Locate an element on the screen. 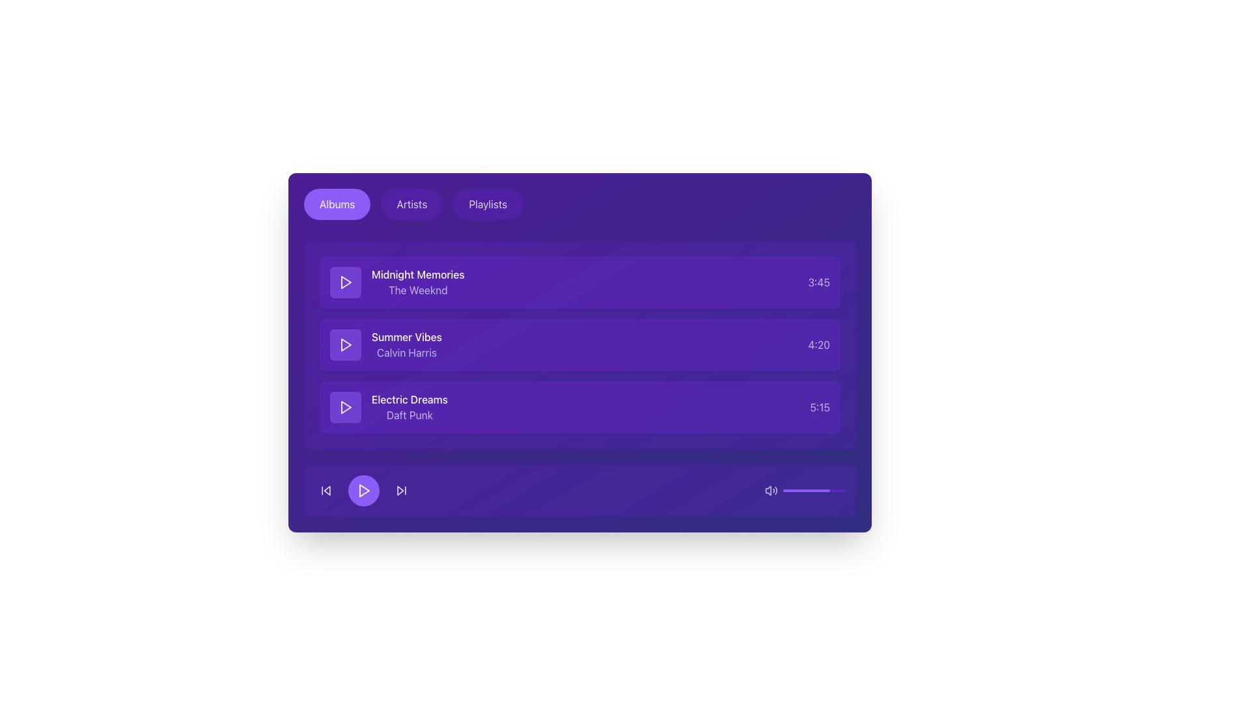 The width and height of the screenshot is (1250, 703). the play button located in the top-left corner of the music track list, adjacent to the text 'Midnight Memories by The Weeknd' is located at coordinates (346, 282).